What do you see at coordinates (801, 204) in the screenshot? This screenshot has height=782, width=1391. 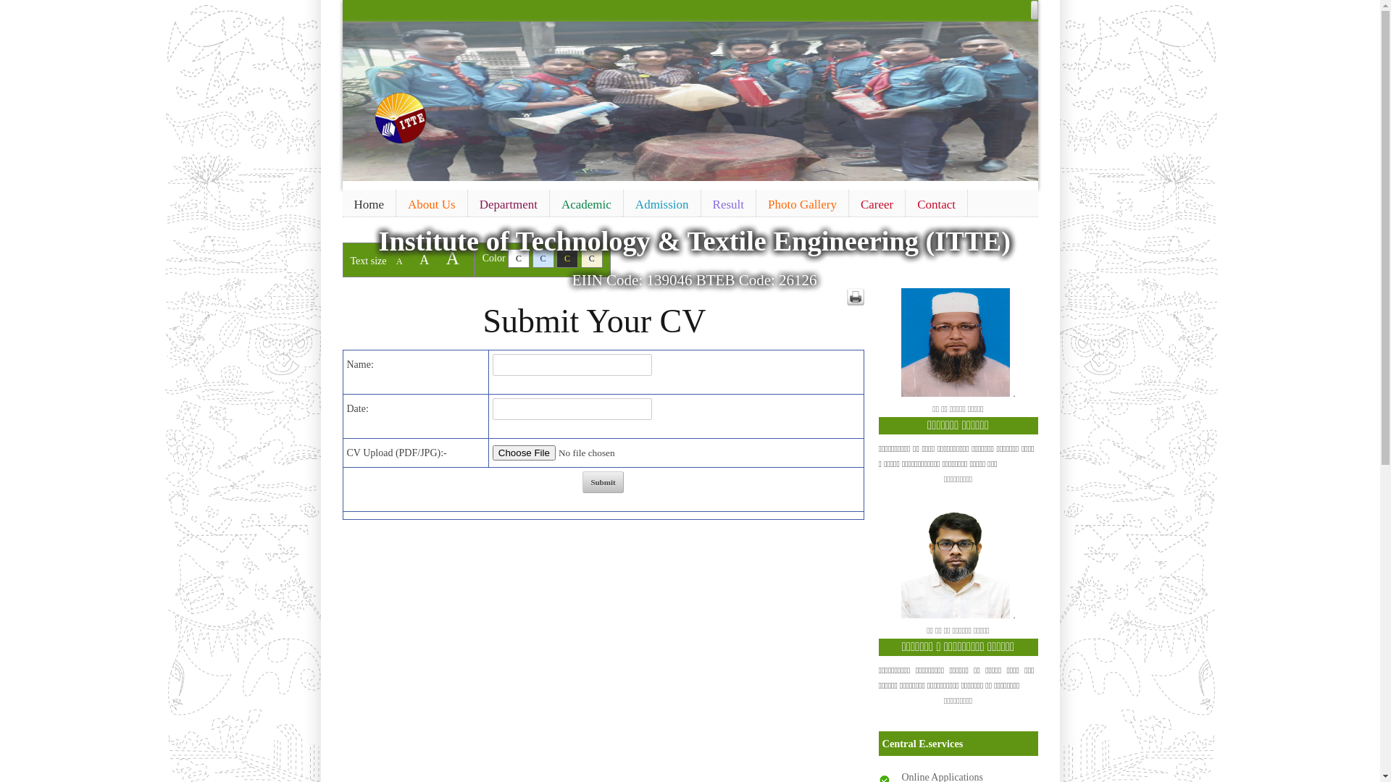 I see `'Photo Gallery'` at bounding box center [801, 204].